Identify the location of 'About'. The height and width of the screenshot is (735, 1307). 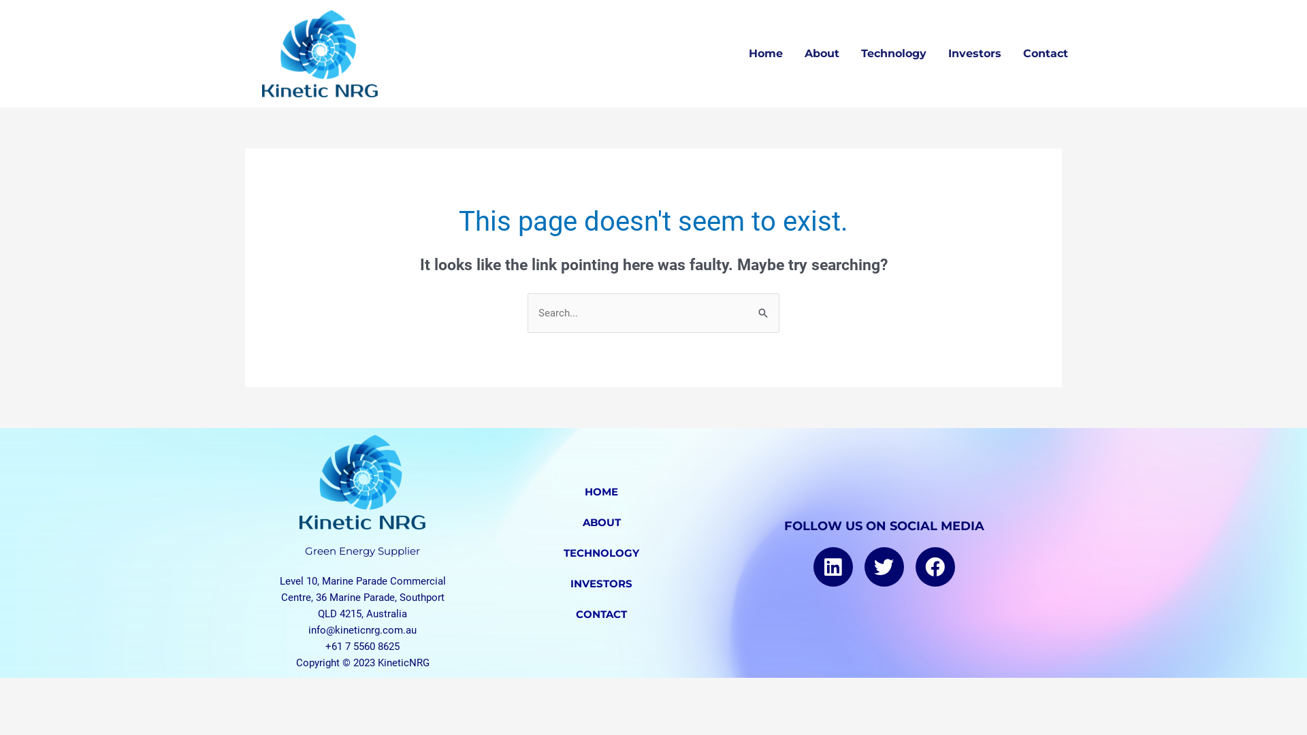
(794, 52).